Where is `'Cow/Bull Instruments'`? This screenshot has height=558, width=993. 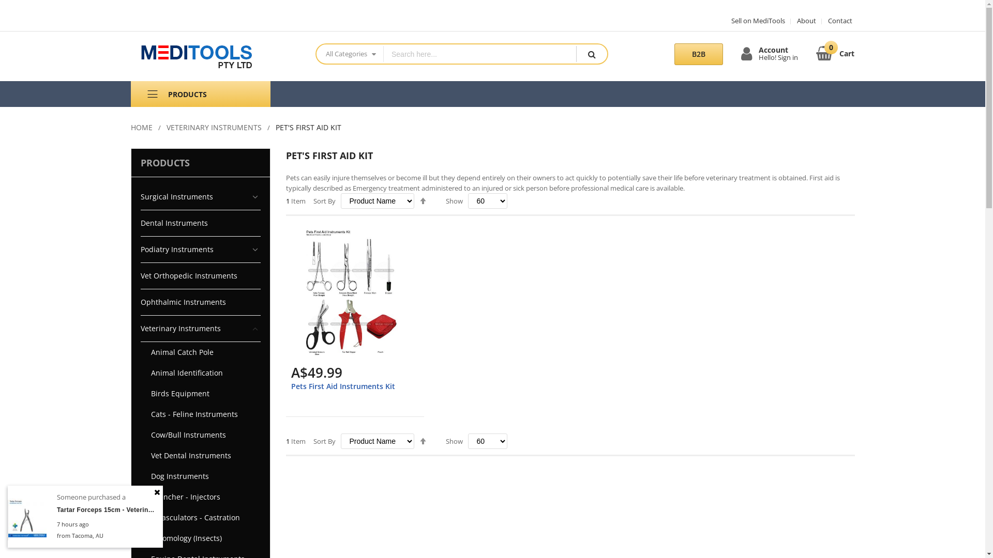 'Cow/Bull Instruments' is located at coordinates (201, 435).